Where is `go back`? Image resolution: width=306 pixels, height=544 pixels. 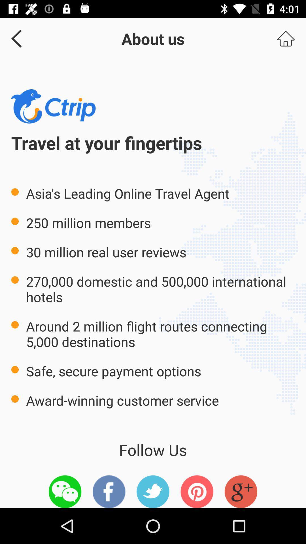
go back is located at coordinates (14, 38).